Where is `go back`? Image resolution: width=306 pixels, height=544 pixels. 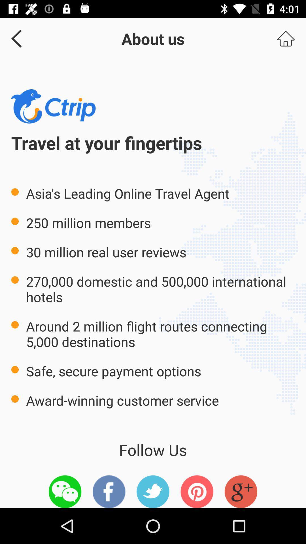
go back is located at coordinates (14, 38).